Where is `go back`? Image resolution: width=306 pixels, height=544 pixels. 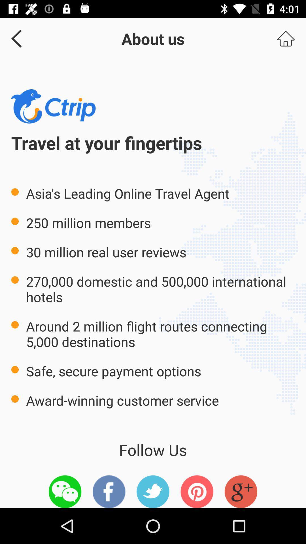
go back is located at coordinates (14, 38).